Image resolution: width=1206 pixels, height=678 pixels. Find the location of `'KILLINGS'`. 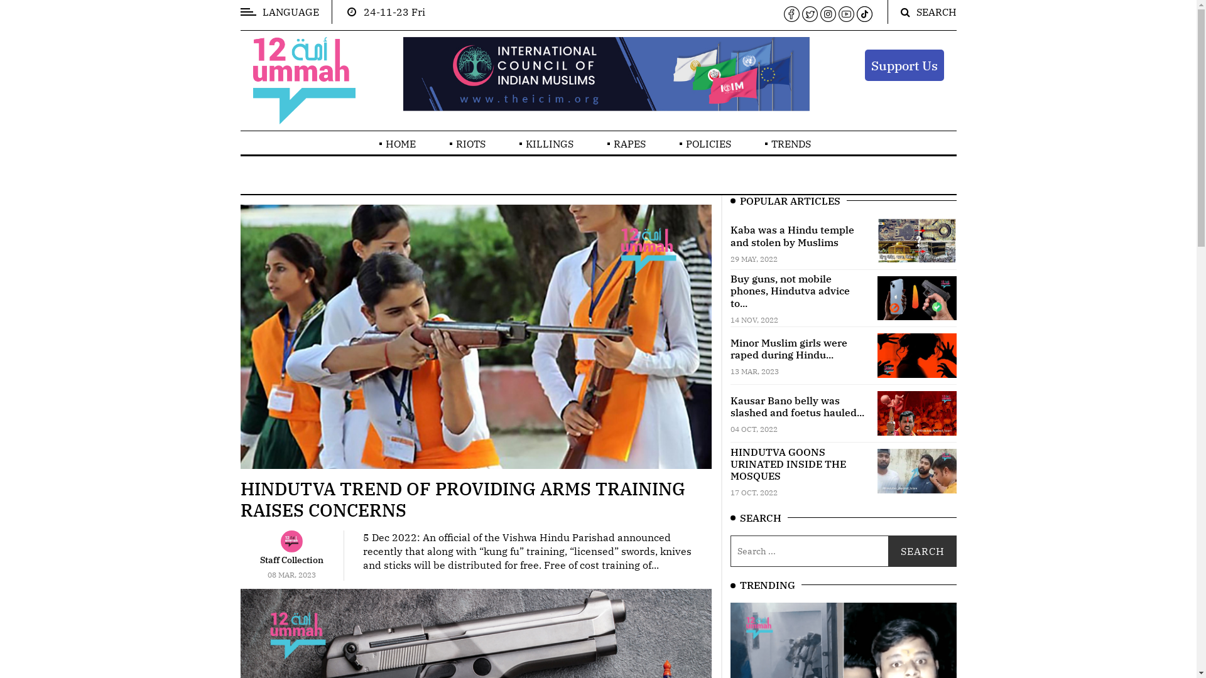

'KILLINGS' is located at coordinates (549, 143).